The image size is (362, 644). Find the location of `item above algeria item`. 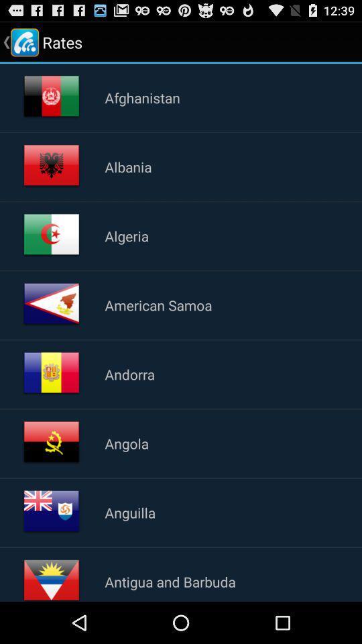

item above algeria item is located at coordinates (128, 166).